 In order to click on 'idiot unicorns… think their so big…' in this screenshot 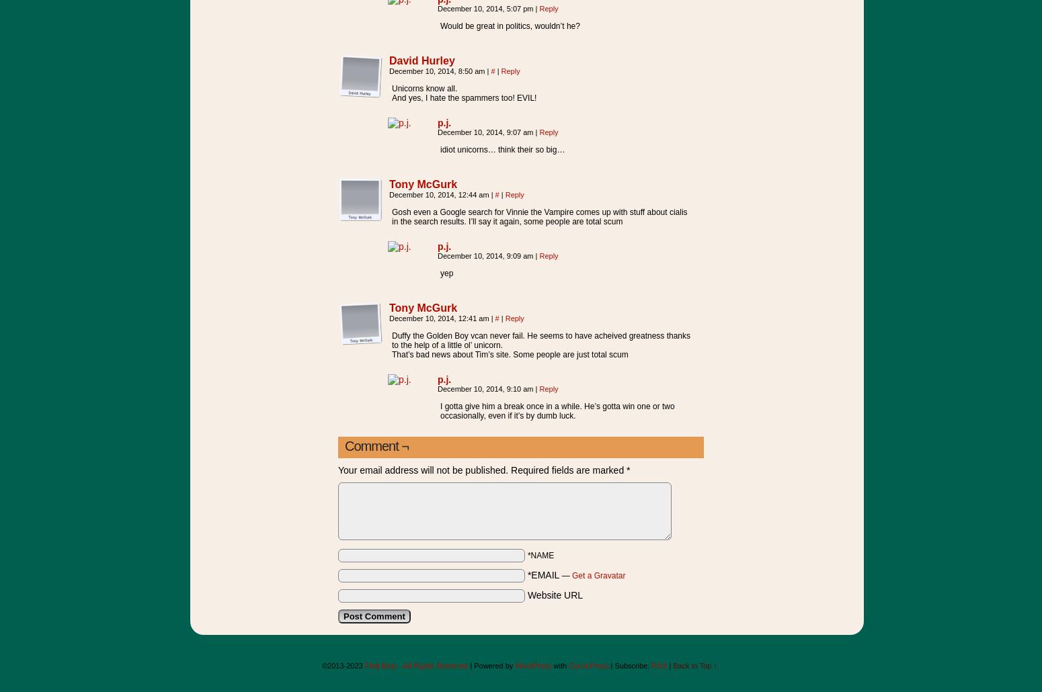, I will do `click(502, 149)`.